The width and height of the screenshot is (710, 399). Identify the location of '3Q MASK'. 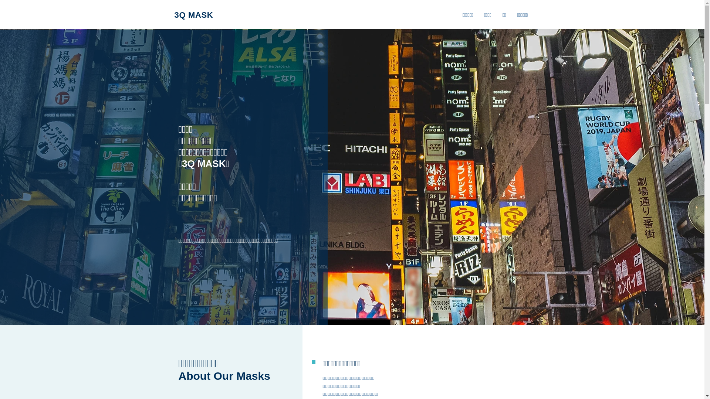
(194, 15).